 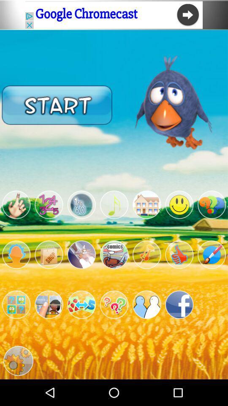 What do you see at coordinates (179, 219) in the screenshot?
I see `the emoji icon` at bounding box center [179, 219].